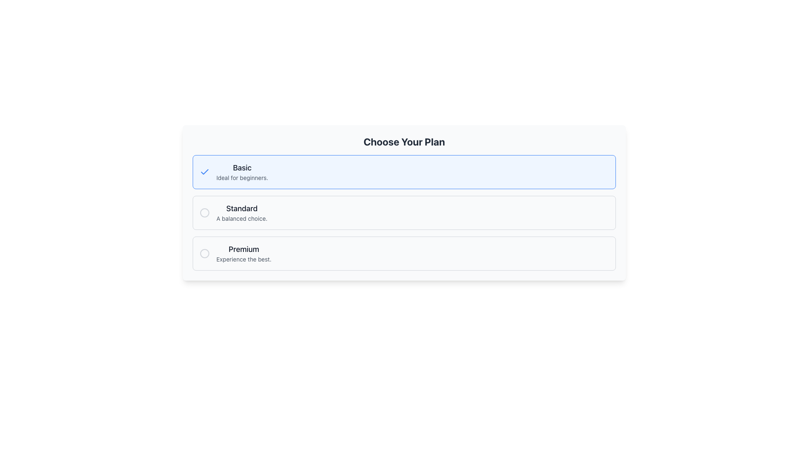  I want to click on the 'Standard' radio option, so click(404, 212).